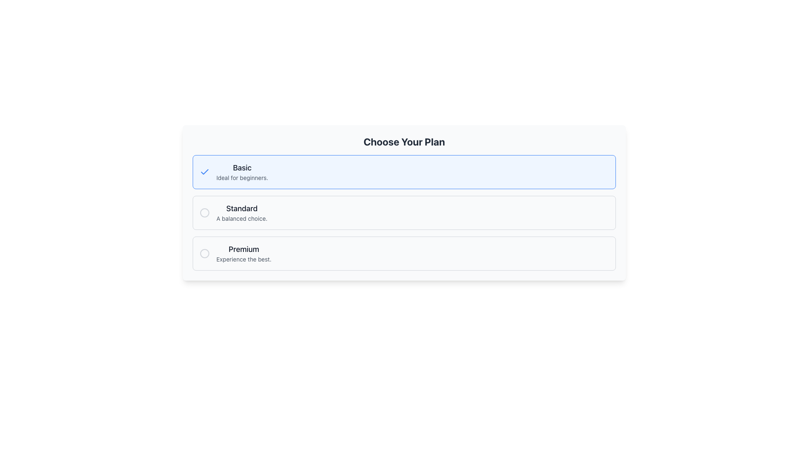  I want to click on the 'Standard' radio option, so click(404, 212).